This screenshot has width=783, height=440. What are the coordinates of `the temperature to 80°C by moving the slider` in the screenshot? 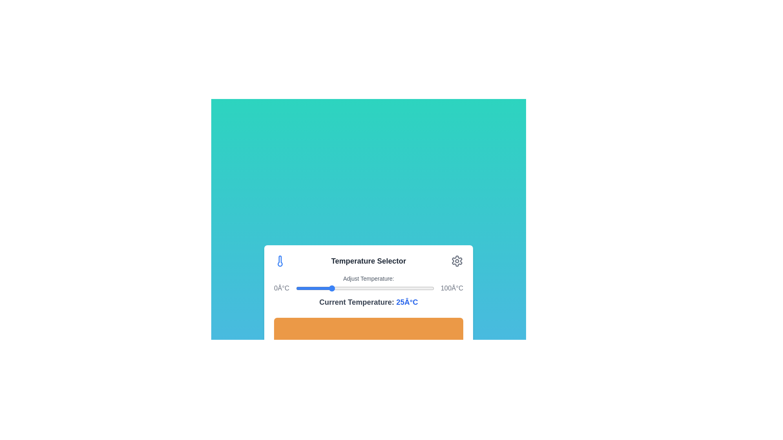 It's located at (406, 288).